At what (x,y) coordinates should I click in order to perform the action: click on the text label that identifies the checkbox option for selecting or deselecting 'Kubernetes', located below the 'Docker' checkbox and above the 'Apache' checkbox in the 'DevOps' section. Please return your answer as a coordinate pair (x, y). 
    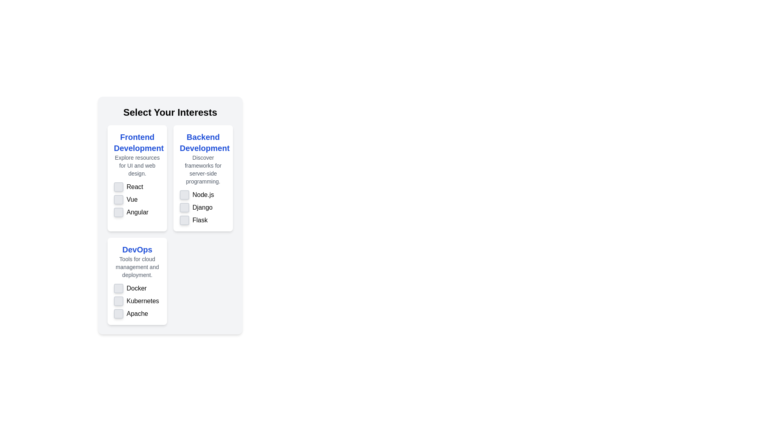
    Looking at the image, I should click on (143, 301).